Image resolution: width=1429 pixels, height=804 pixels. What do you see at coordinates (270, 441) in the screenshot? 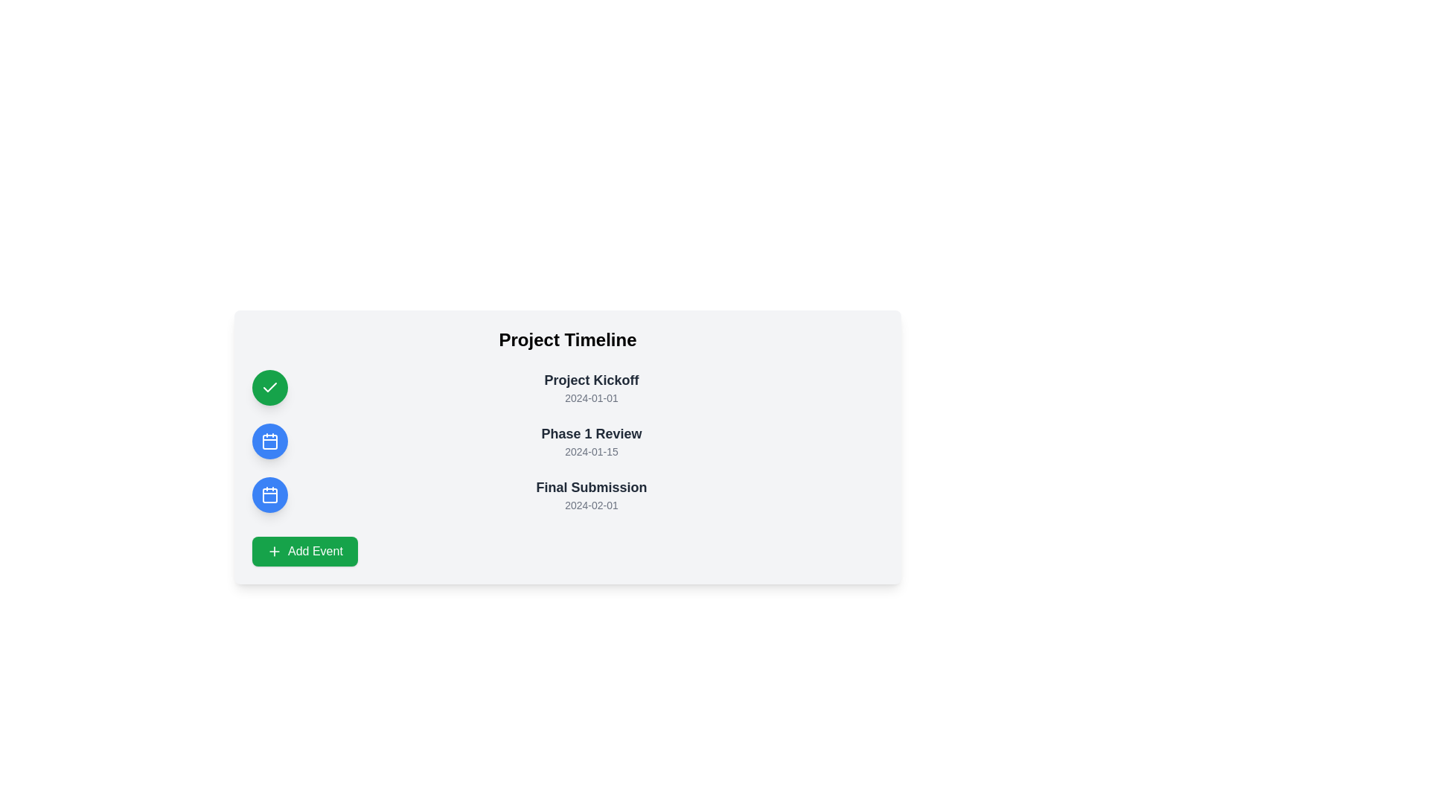
I see `the 'Phase 1 Review' button located second from the top in the vertical stack on the left side of the 'Project Timeline' panel to interact with the associated phase` at bounding box center [270, 441].